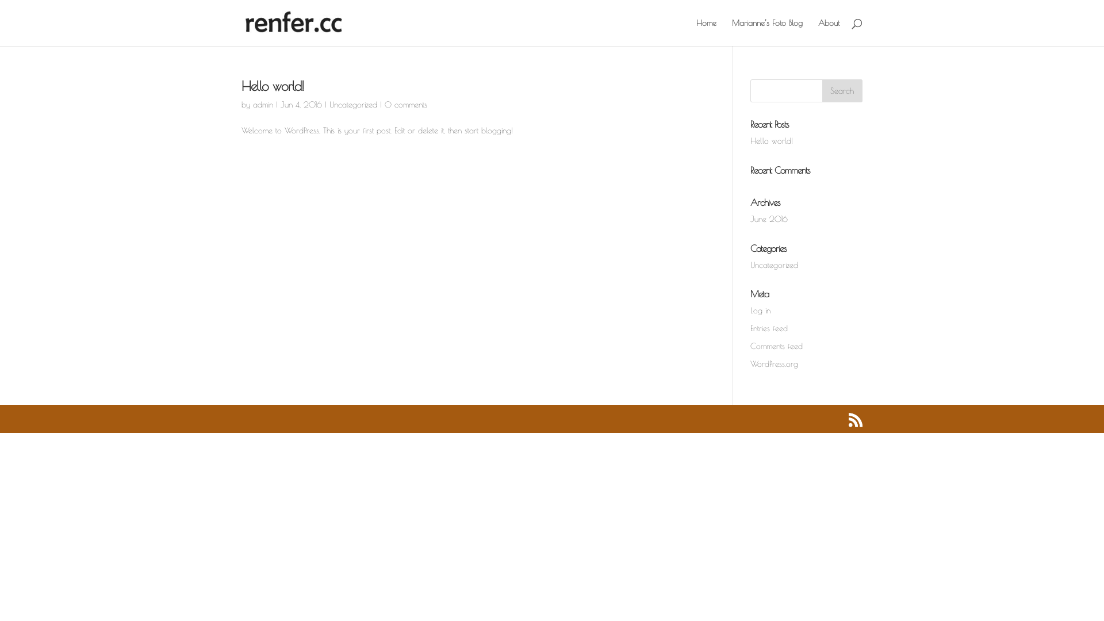  I want to click on 'Search', so click(842, 90).